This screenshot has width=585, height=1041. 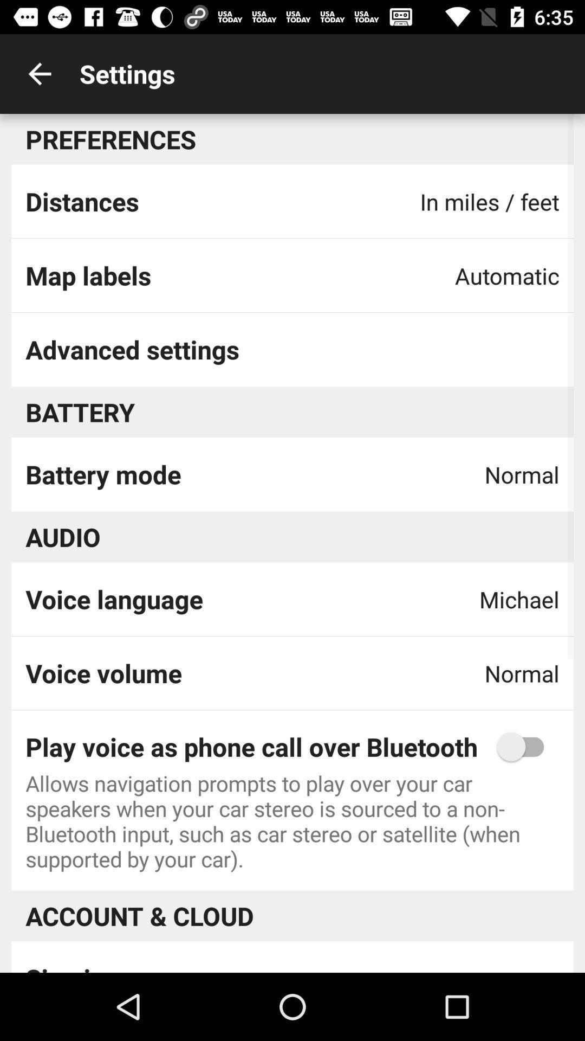 I want to click on the item next to the normal app, so click(x=103, y=474).